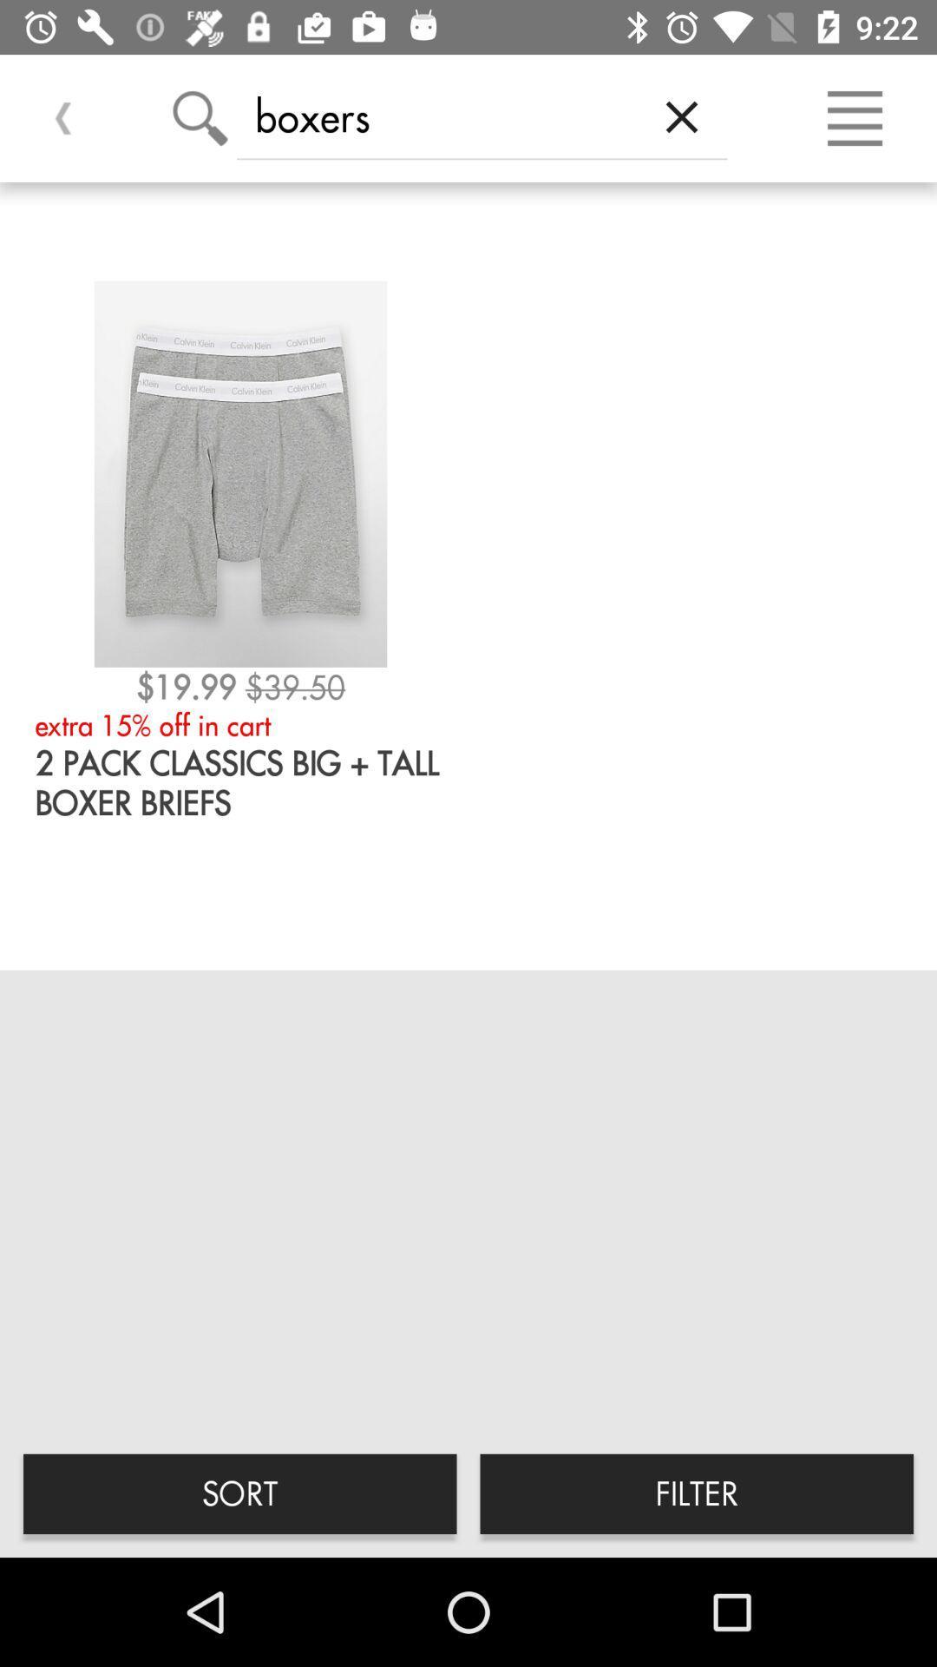 The height and width of the screenshot is (1667, 937). What do you see at coordinates (696, 1492) in the screenshot?
I see `filter` at bounding box center [696, 1492].